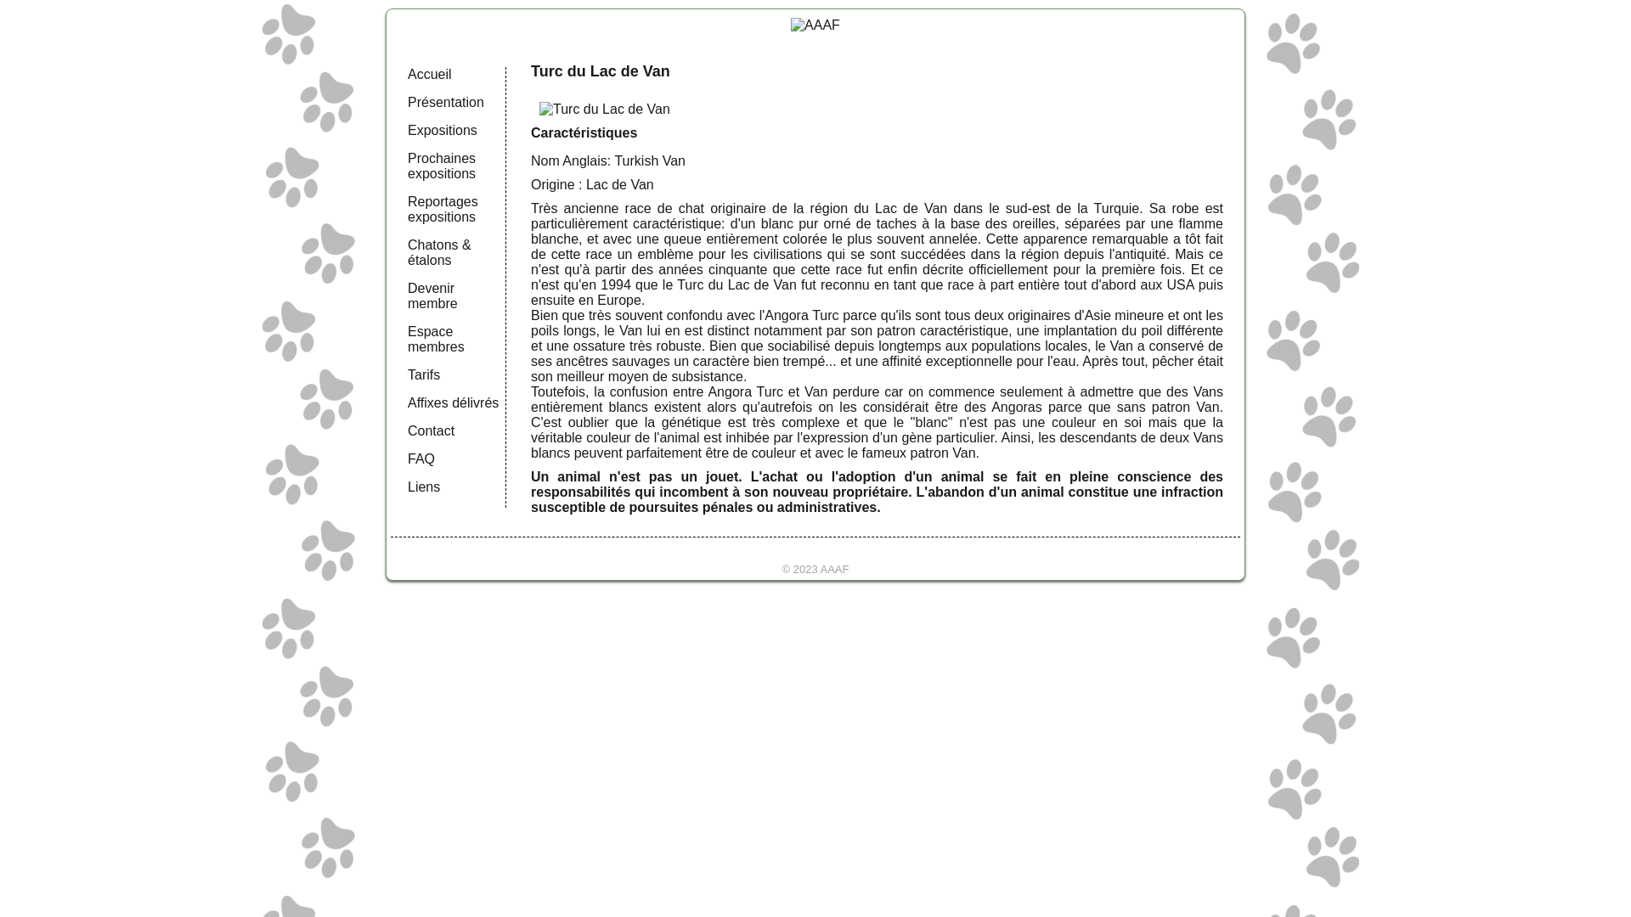  What do you see at coordinates (424, 487) in the screenshot?
I see `'Liens'` at bounding box center [424, 487].